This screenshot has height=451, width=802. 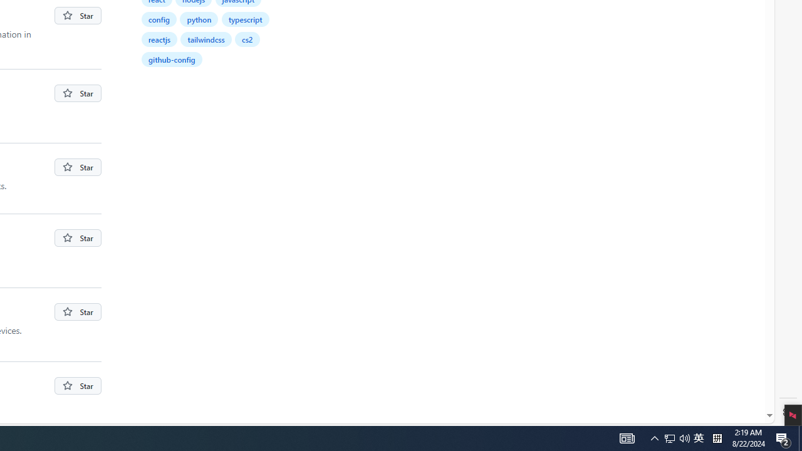 What do you see at coordinates (159, 38) in the screenshot?
I see `'reactjs'` at bounding box center [159, 38].